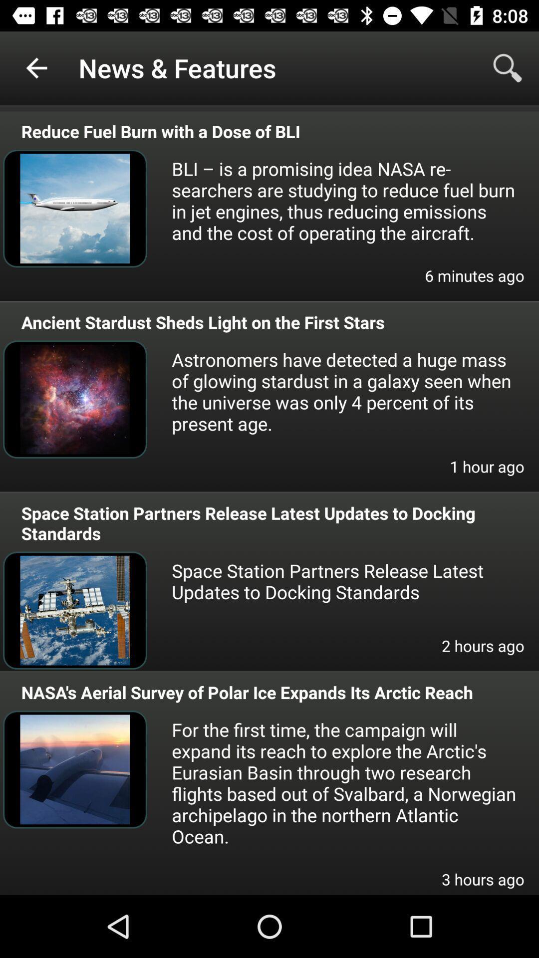  What do you see at coordinates (36, 67) in the screenshot?
I see `the icon above the reduce fuel burn icon` at bounding box center [36, 67].